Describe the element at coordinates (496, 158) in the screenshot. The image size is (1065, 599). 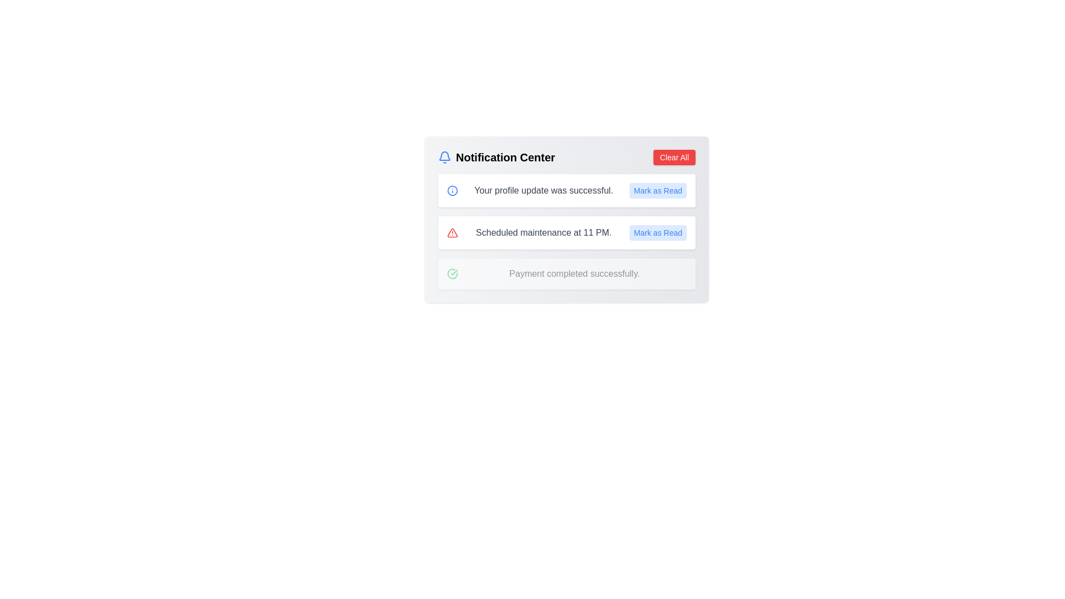
I see `the surrounding area of the 'Notification Center' label to focus on it, which is located next to a blue bell icon inside the notification panel header` at that location.